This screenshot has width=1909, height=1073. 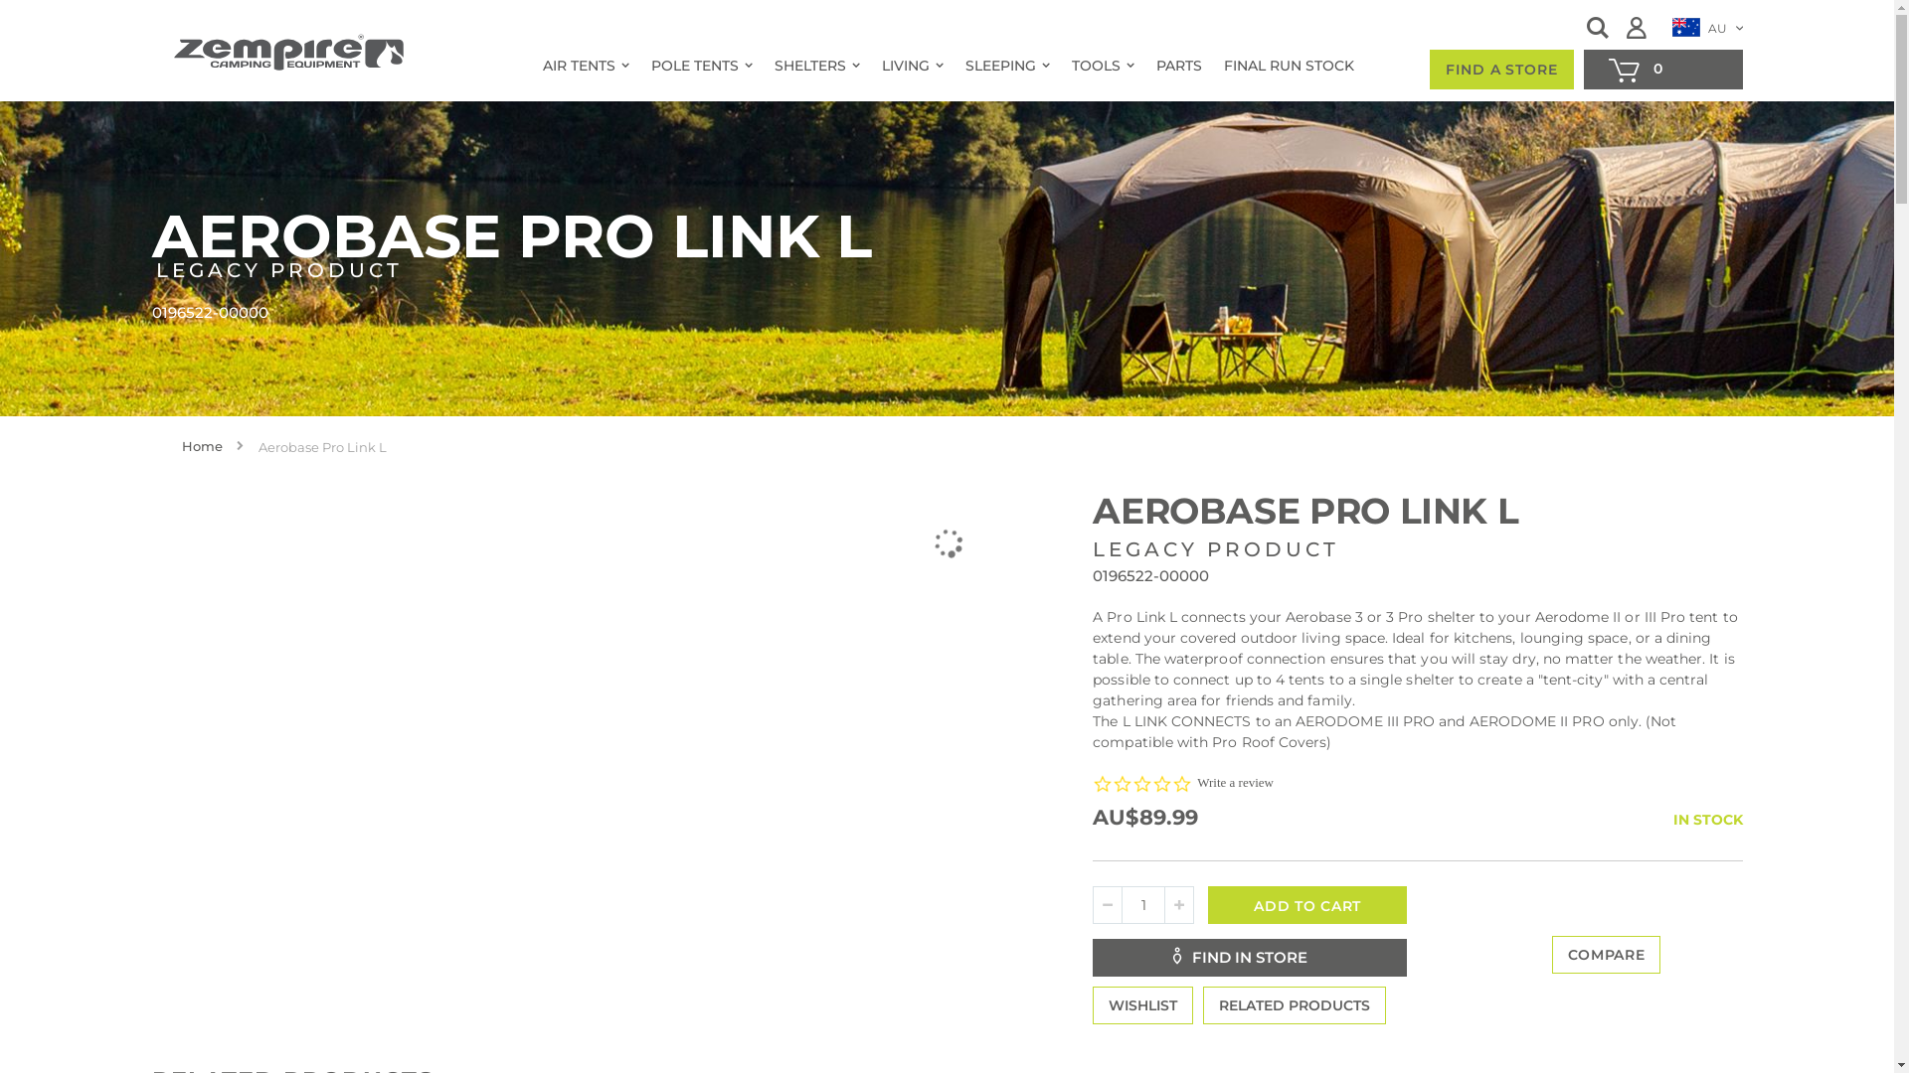 I want to click on 'SEARCH', so click(x=1598, y=27).